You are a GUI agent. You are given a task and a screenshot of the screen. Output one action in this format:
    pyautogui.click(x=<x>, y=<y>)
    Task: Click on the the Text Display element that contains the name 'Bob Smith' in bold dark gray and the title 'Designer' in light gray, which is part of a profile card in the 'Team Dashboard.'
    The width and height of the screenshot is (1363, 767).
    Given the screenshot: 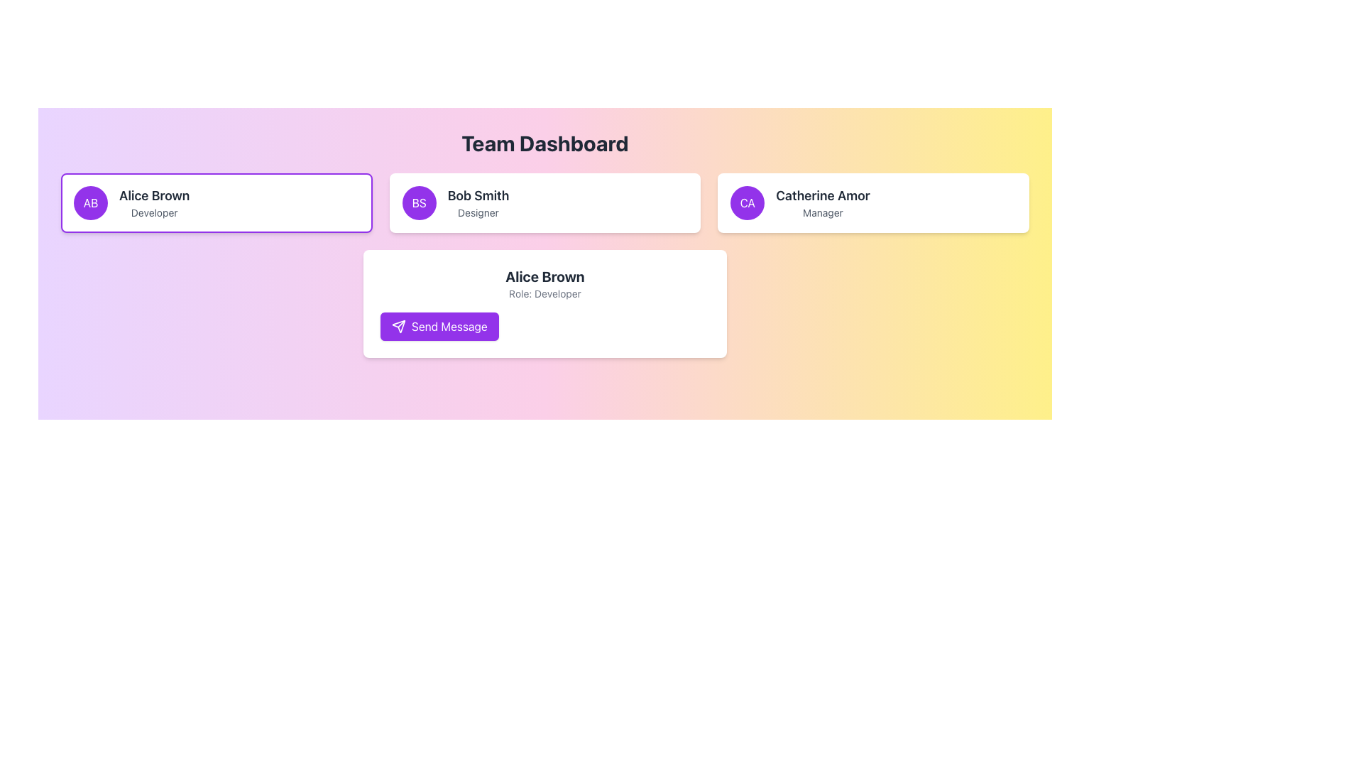 What is the action you would take?
    pyautogui.click(x=478, y=202)
    